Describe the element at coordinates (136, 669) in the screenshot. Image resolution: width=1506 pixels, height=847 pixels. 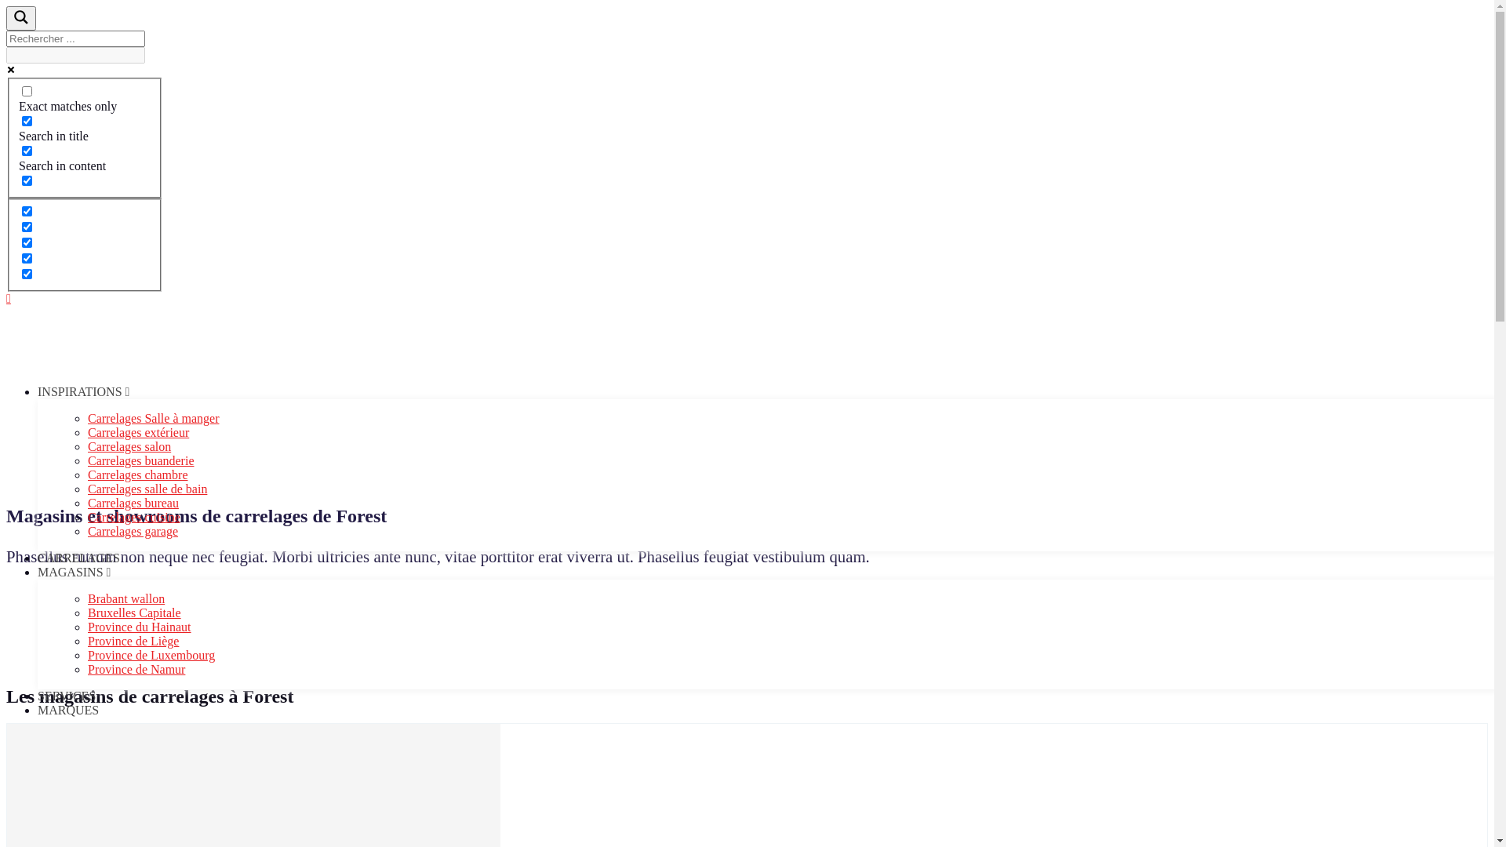
I see `'Province de Namur'` at that location.